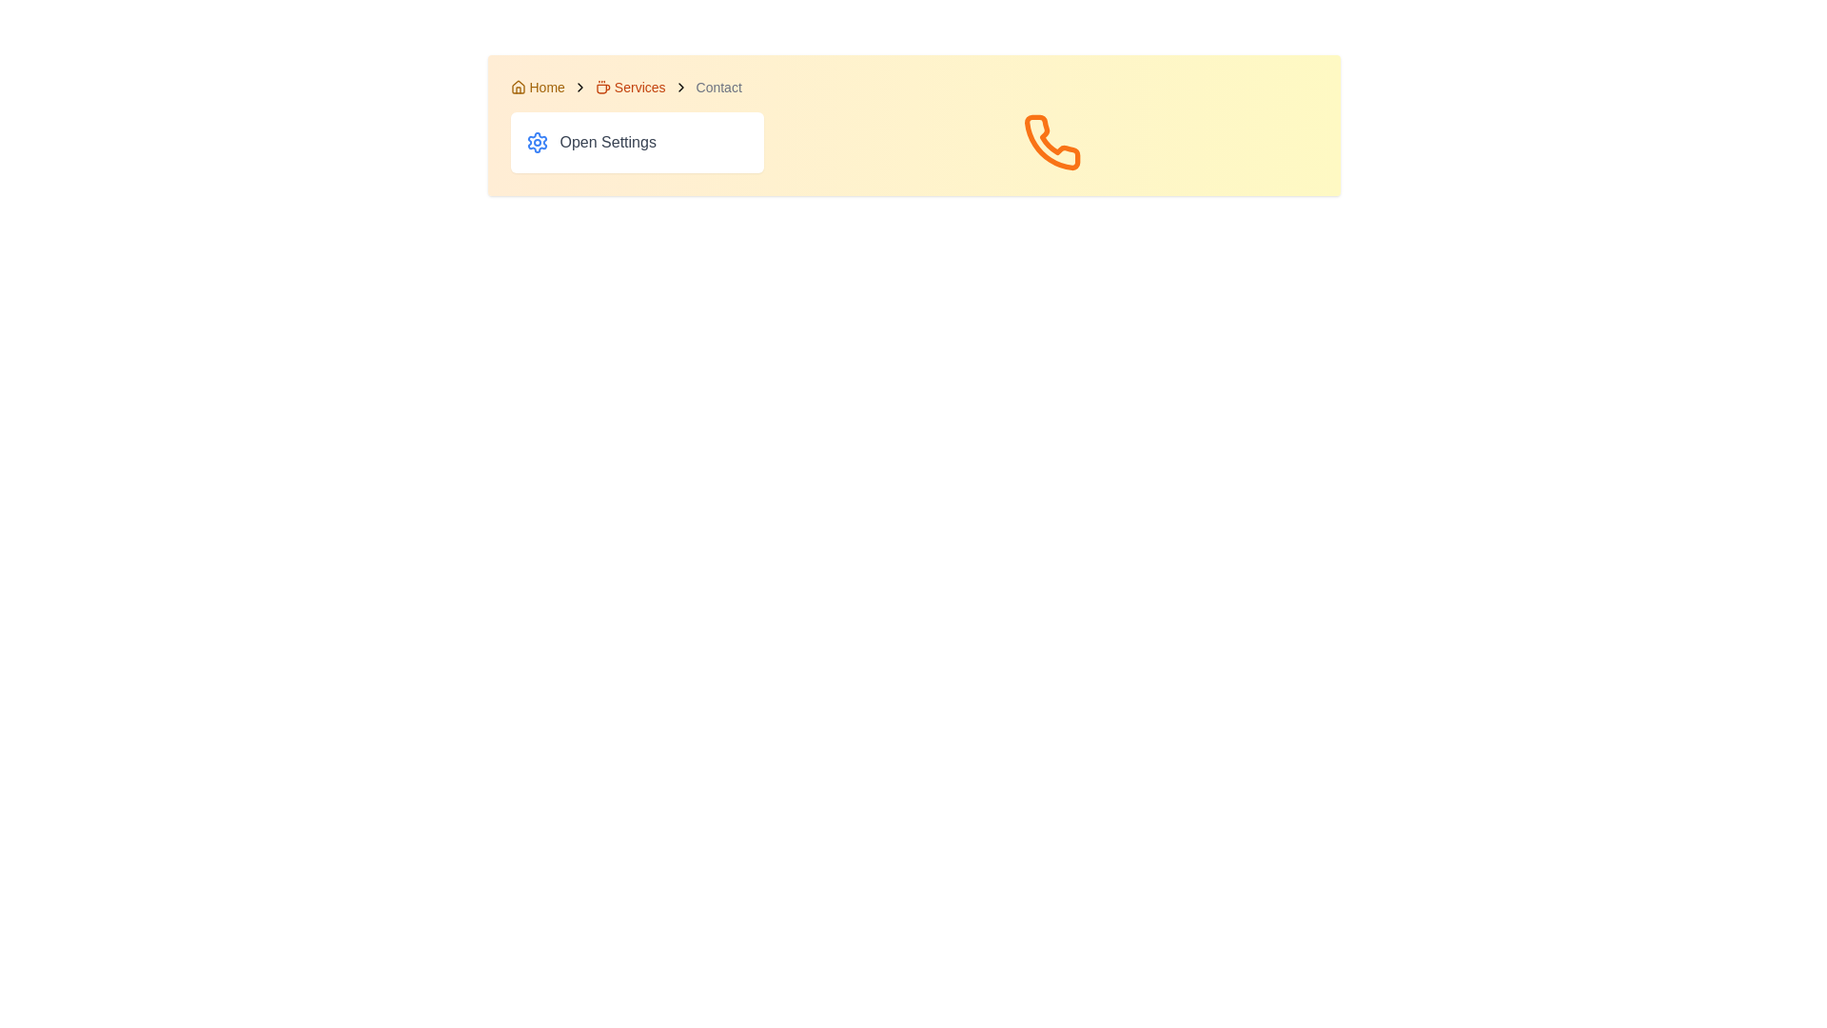  What do you see at coordinates (579, 88) in the screenshot?
I see `the right-facing chevron icon in the breadcrumb navigation bar, which is positioned between the 'Home' and 'Services' text links` at bounding box center [579, 88].